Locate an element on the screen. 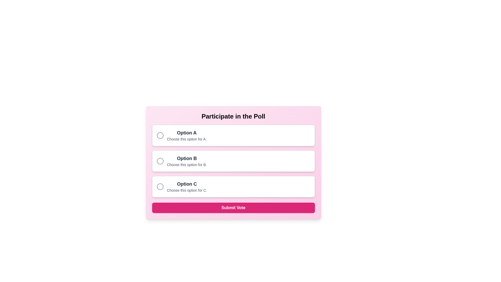 This screenshot has height=282, width=501. the selectable card option labeled 'Option B' is located at coordinates (233, 161).